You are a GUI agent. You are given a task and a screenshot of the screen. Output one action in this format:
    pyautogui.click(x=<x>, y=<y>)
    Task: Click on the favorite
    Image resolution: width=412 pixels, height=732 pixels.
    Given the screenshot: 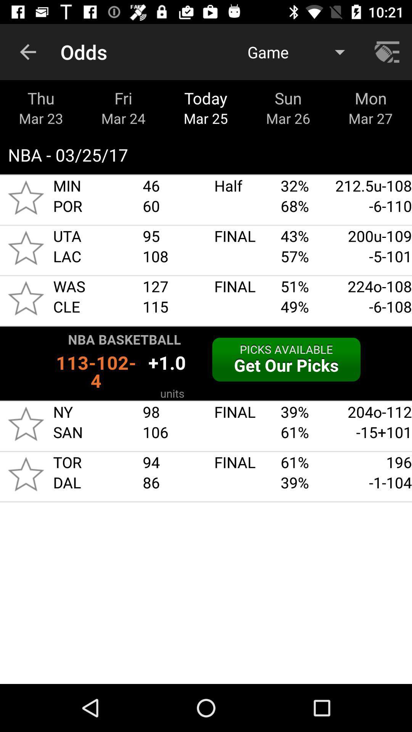 What is the action you would take?
    pyautogui.click(x=26, y=423)
    